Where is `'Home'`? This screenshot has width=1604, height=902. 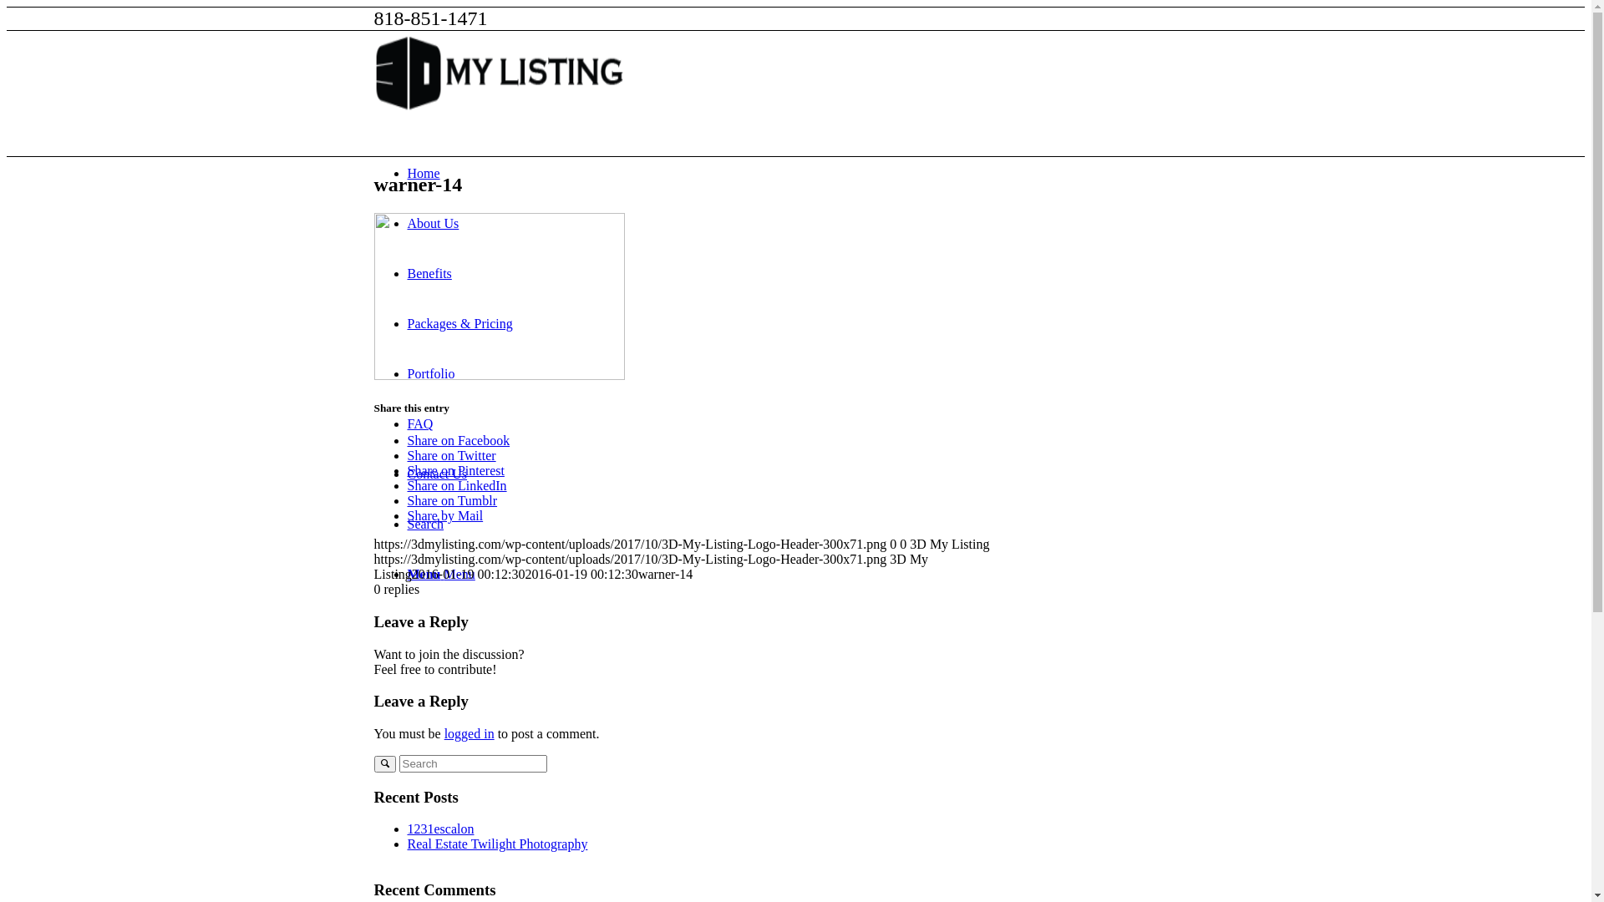 'Home' is located at coordinates (424, 173).